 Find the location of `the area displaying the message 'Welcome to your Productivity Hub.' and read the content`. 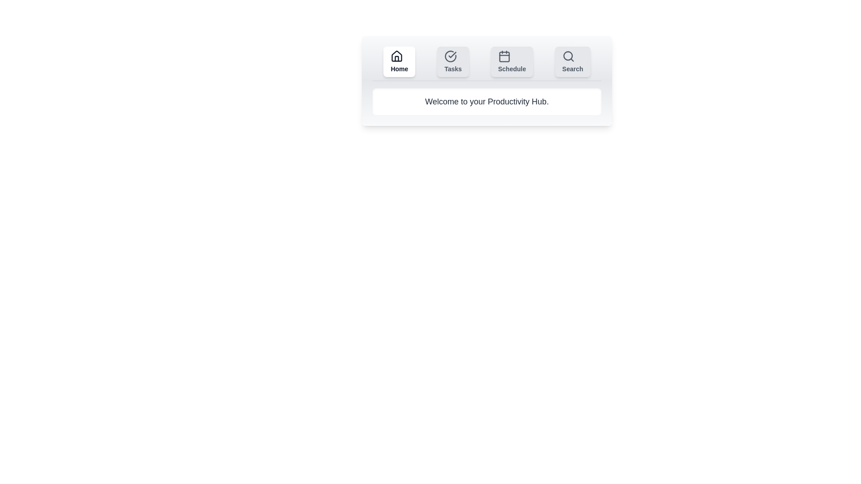

the area displaying the message 'Welcome to your Productivity Hub.' and read the content is located at coordinates (486, 101).